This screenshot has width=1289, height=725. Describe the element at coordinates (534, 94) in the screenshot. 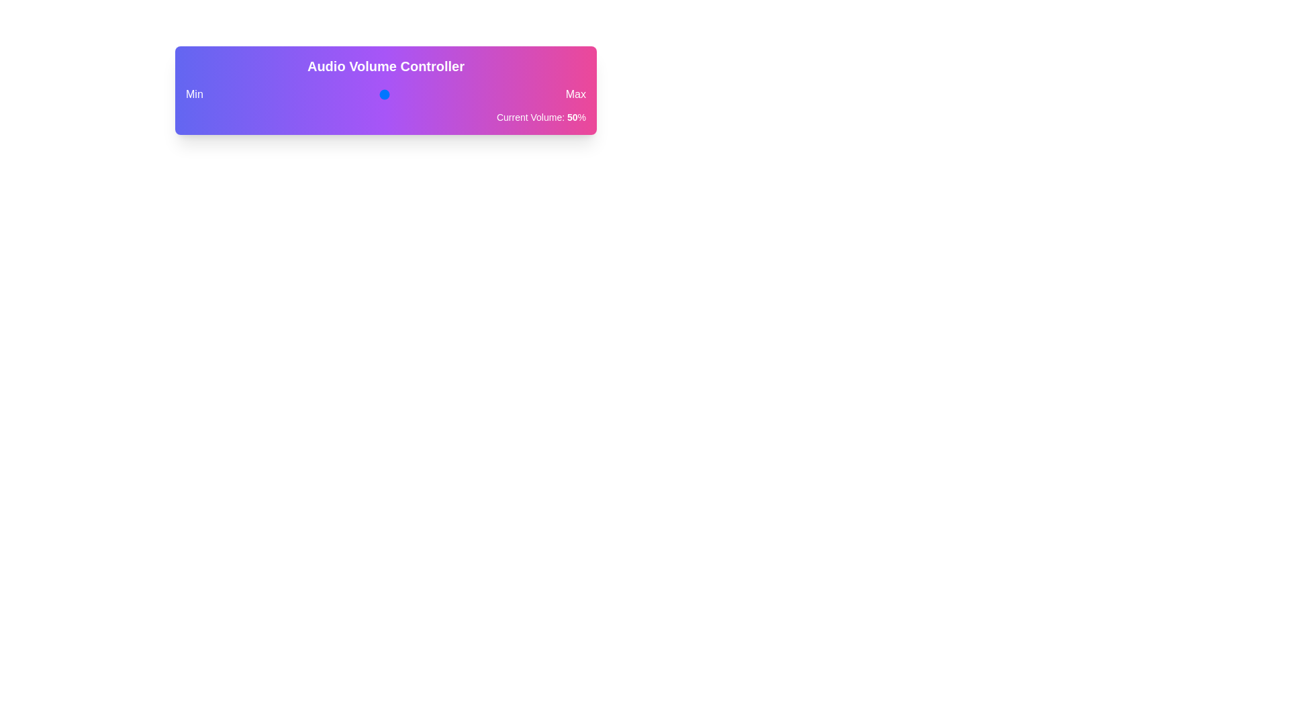

I see `the volume slider to 94%` at that location.